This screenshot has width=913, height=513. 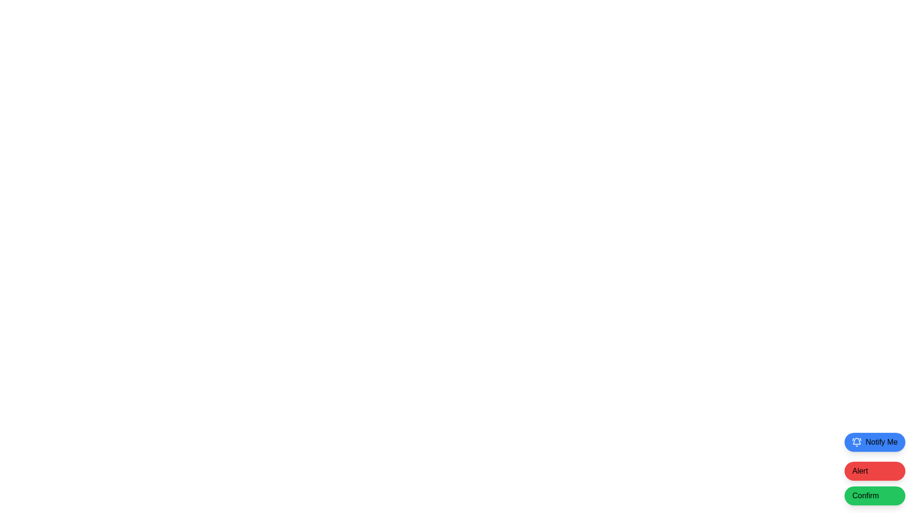 What do you see at coordinates (875, 471) in the screenshot?
I see `the red 'Alert' button with rounded corners, positioned between 'Notify Me' and 'Confirm' buttons, to observe the hover effect` at bounding box center [875, 471].